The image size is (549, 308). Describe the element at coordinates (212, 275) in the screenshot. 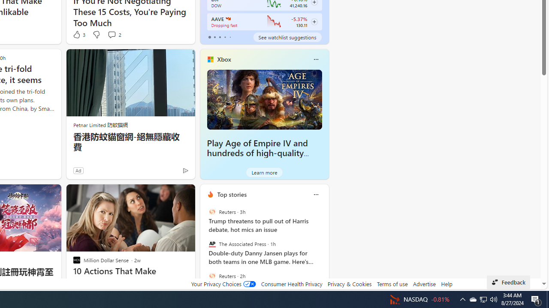

I see `'Reuters'` at that location.